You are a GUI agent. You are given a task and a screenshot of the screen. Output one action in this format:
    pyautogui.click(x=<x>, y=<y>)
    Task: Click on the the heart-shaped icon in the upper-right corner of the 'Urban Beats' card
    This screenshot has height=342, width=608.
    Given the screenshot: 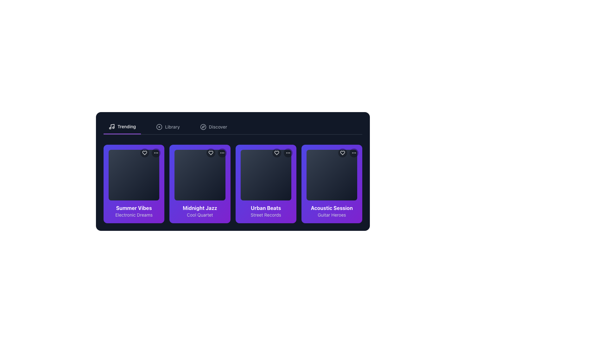 What is the action you would take?
    pyautogui.click(x=276, y=153)
    